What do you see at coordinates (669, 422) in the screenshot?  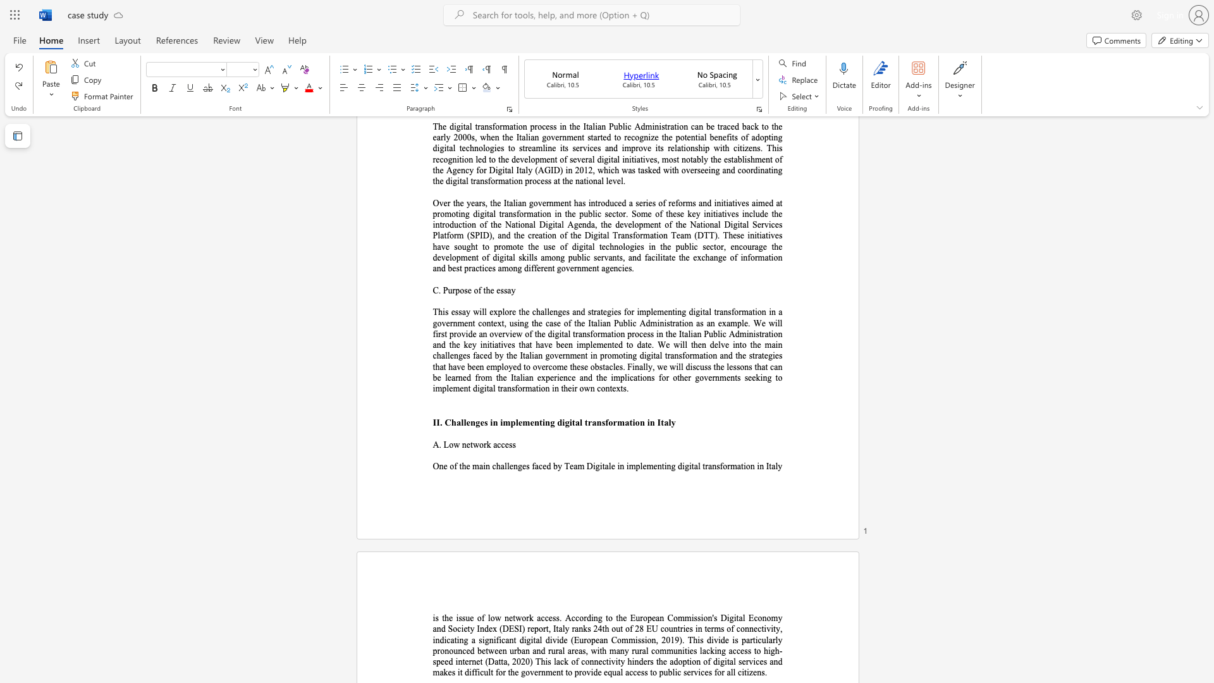 I see `the 5th character "l" in the text` at bounding box center [669, 422].